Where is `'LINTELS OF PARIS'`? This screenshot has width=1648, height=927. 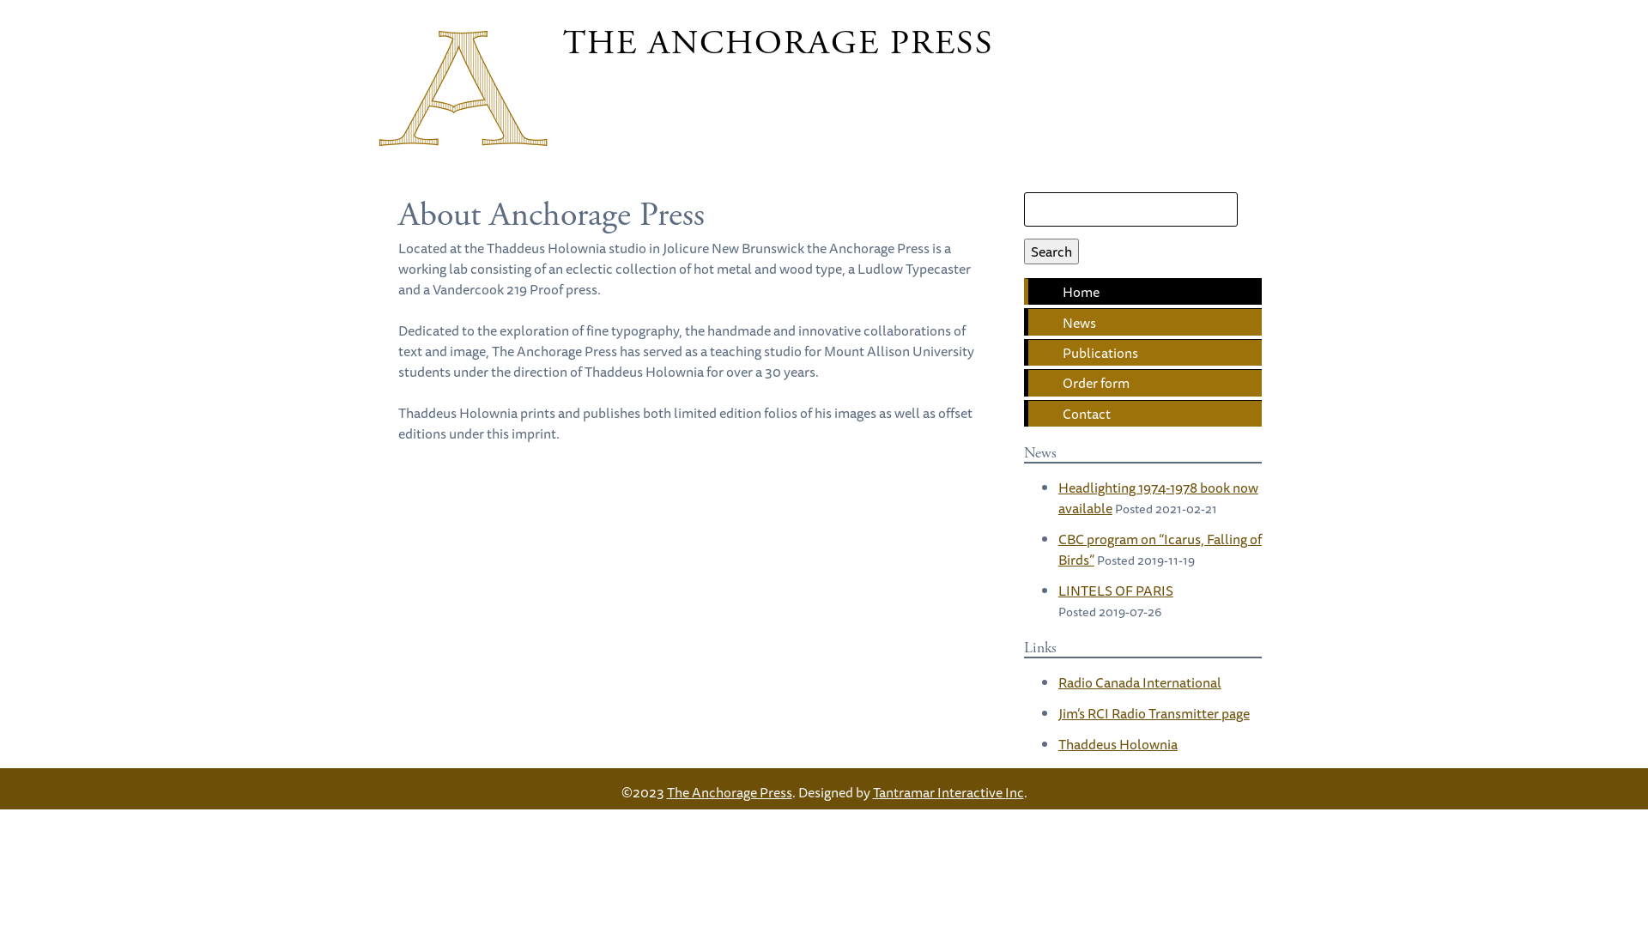 'LINTELS OF PARIS' is located at coordinates (1057, 589).